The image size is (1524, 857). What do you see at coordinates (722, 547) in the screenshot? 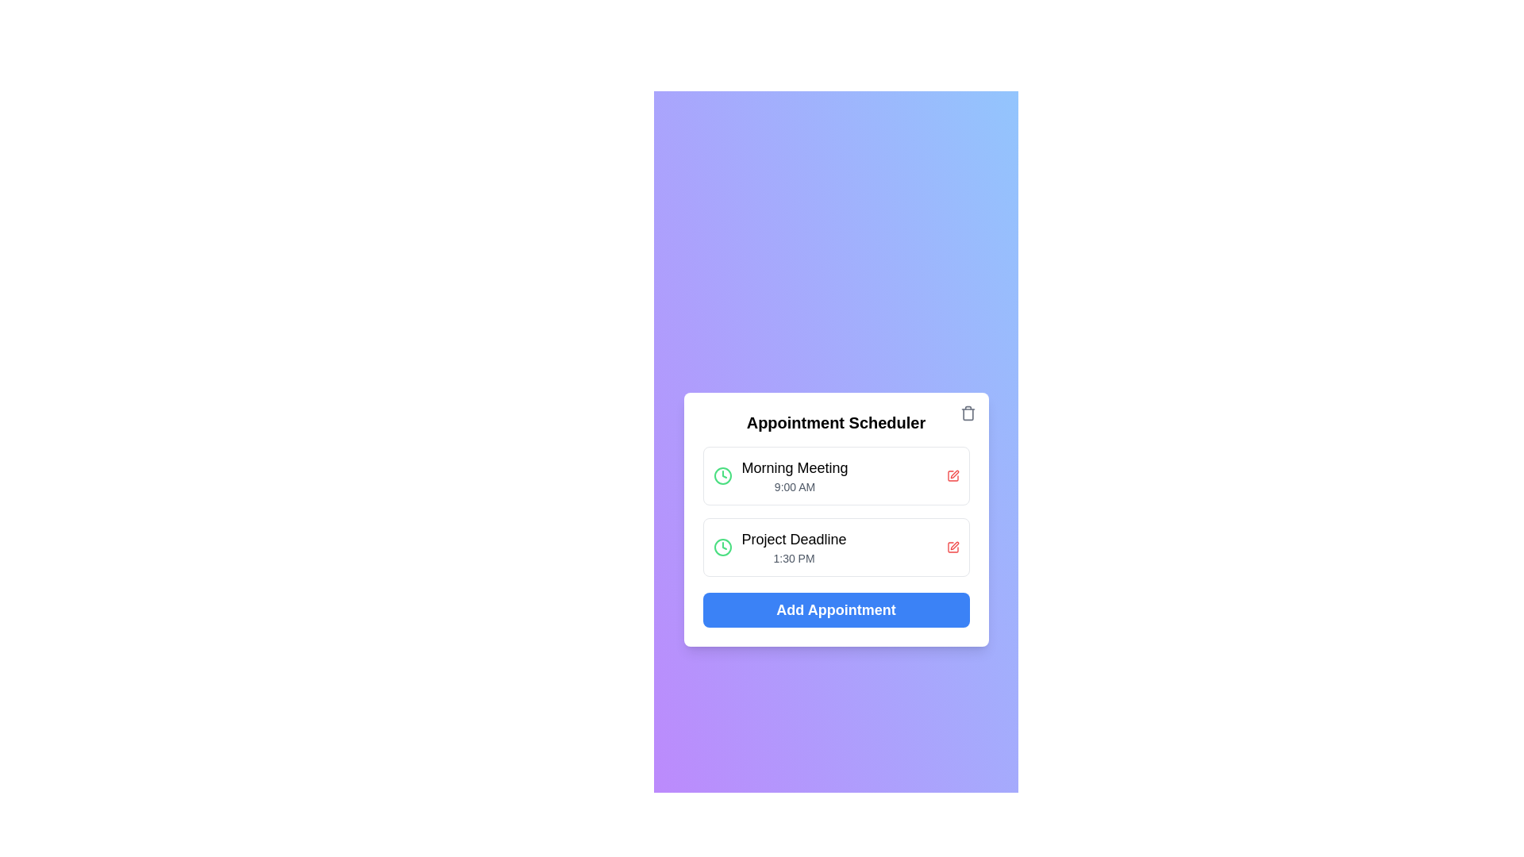
I see `the time icon located to the left of the text '1:30 PM' under the 'Project Deadline' label` at bounding box center [722, 547].